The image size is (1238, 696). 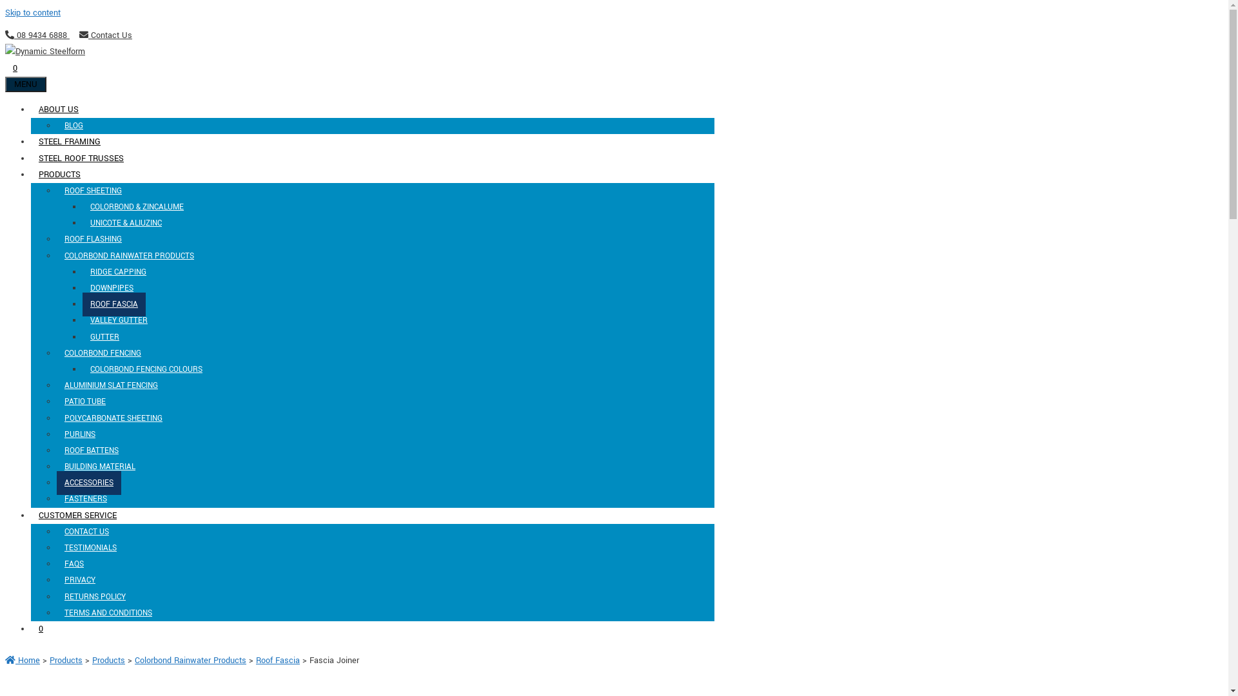 What do you see at coordinates (105, 34) in the screenshot?
I see `'Contact Us'` at bounding box center [105, 34].